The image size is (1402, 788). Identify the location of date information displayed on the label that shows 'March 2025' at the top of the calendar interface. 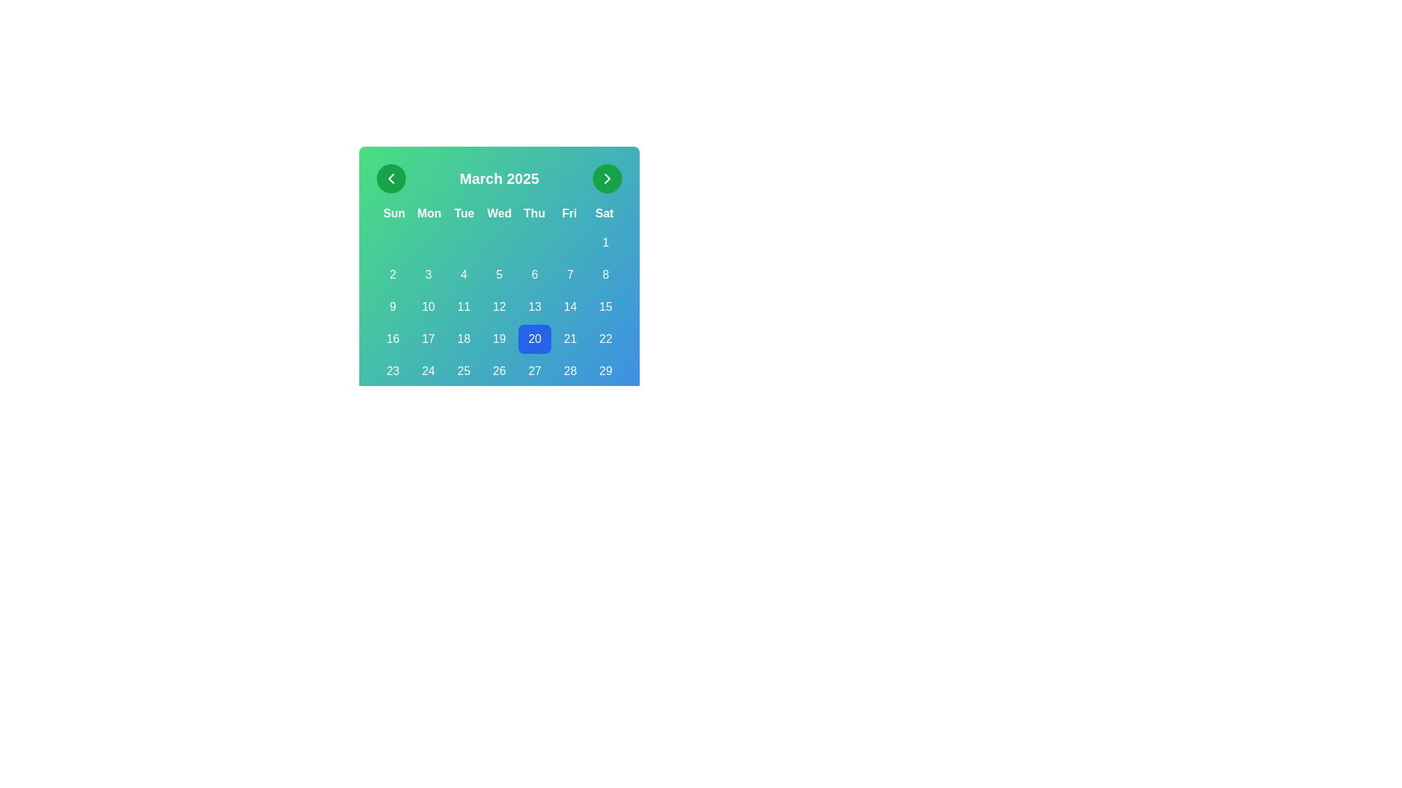
(499, 178).